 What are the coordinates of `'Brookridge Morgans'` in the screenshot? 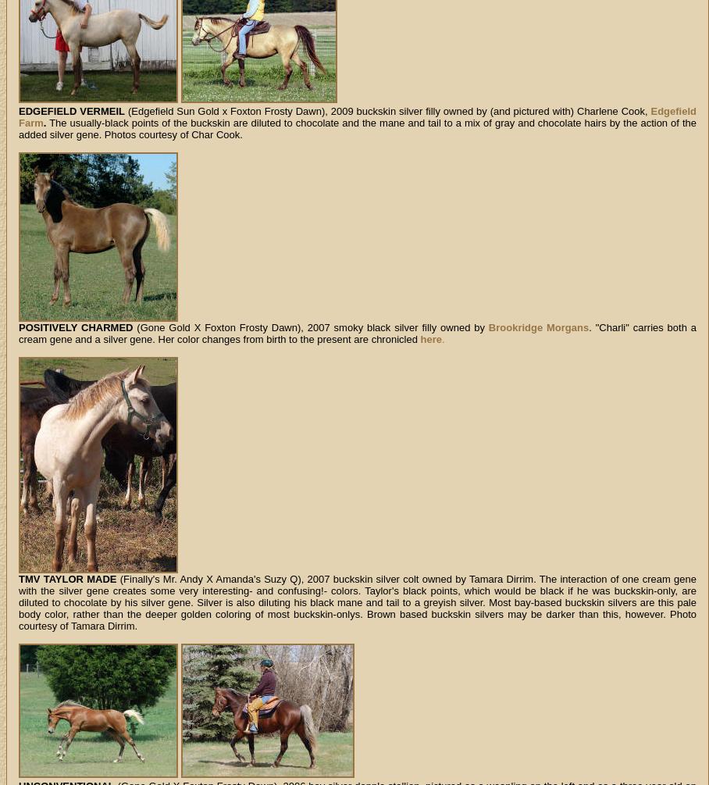 It's located at (486, 327).